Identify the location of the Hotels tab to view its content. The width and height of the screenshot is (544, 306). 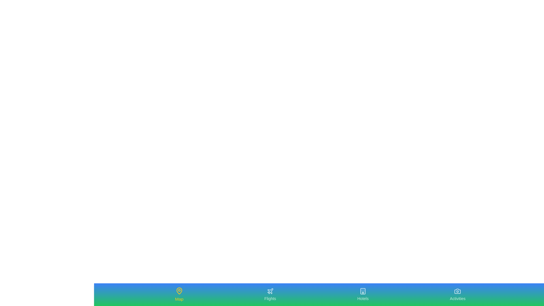
(363, 294).